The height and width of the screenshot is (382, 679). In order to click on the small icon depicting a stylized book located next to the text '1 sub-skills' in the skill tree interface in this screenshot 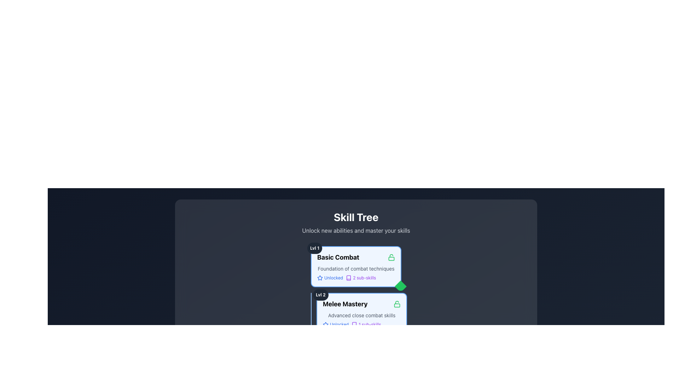, I will do `click(354, 325)`.